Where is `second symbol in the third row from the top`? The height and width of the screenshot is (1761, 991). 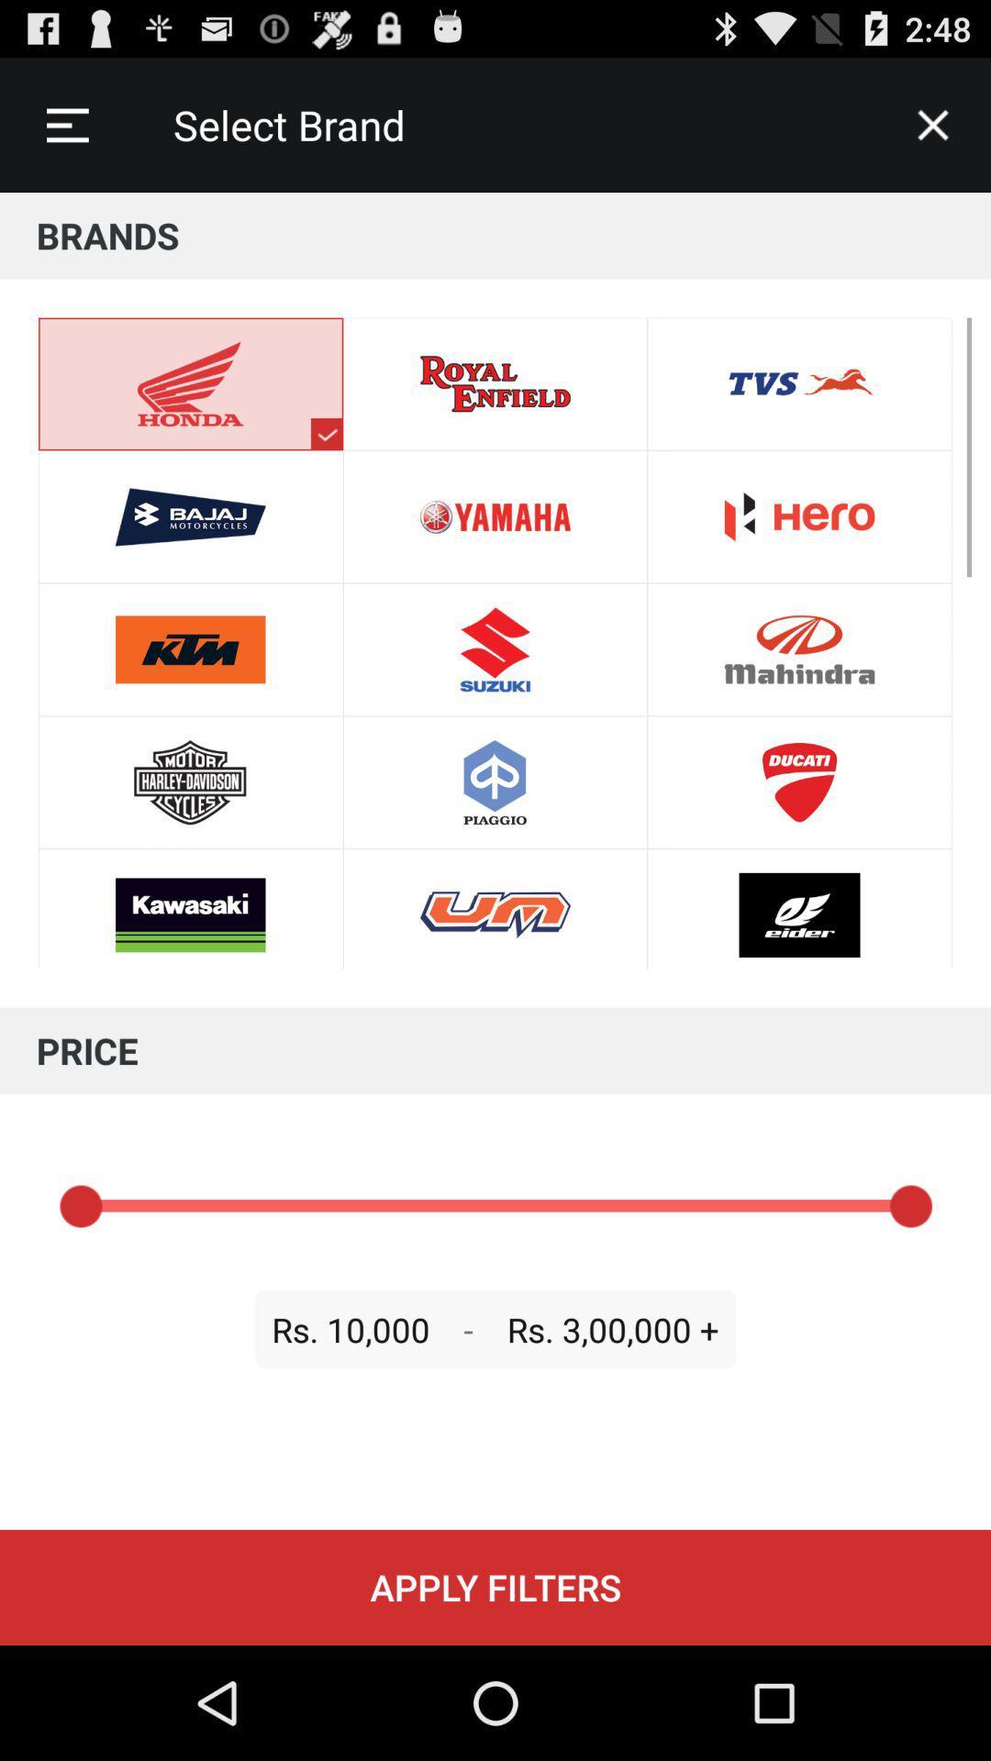
second symbol in the third row from the top is located at coordinates (495, 649).